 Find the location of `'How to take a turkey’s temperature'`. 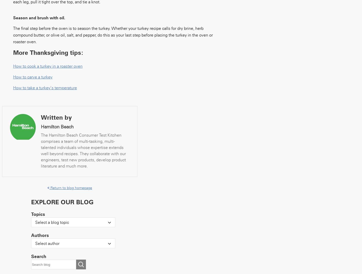

'How to take a turkey’s temperature' is located at coordinates (45, 87).